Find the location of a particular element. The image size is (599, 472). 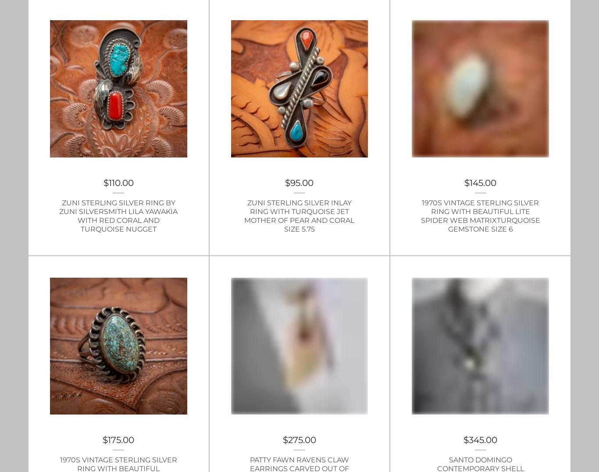

'145.00' is located at coordinates (469, 182).